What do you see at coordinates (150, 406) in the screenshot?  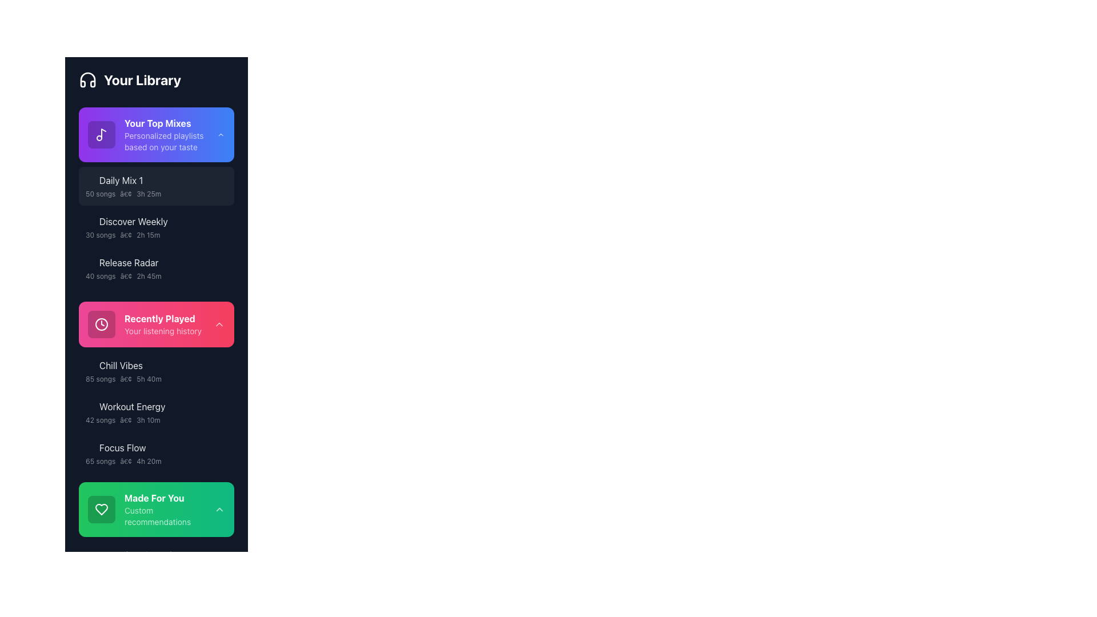 I see `the fifth text label` at bounding box center [150, 406].